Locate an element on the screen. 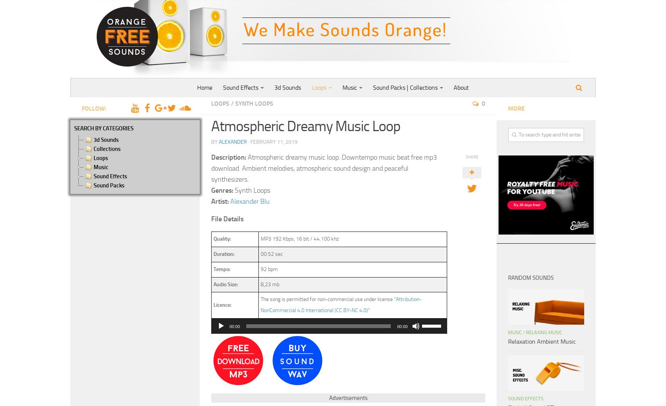  'MP3 192 Kbps, 16 bit / 44.100 khz' is located at coordinates (299, 238).